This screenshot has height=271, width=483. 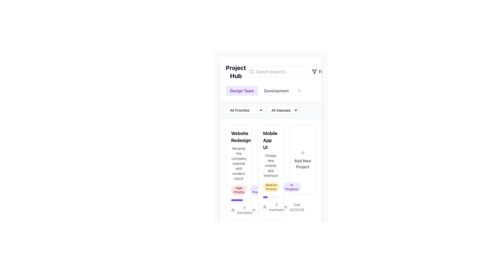 What do you see at coordinates (244, 110) in the screenshot?
I see `the 'All Priorities' dropdown menu` at bounding box center [244, 110].